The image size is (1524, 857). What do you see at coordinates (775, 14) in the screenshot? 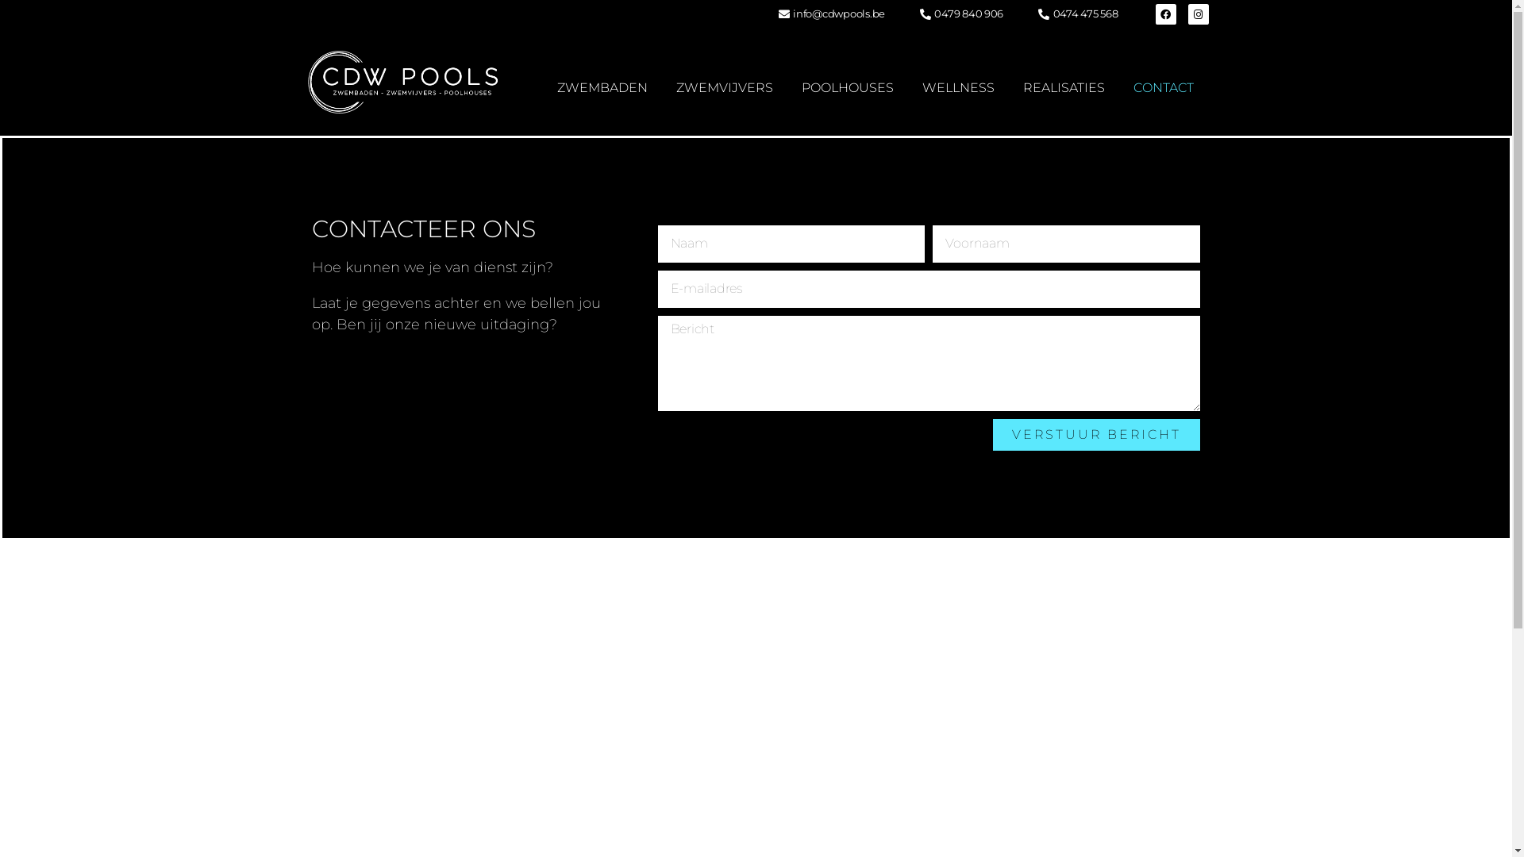
I see `'info@cdwpools.be'` at bounding box center [775, 14].